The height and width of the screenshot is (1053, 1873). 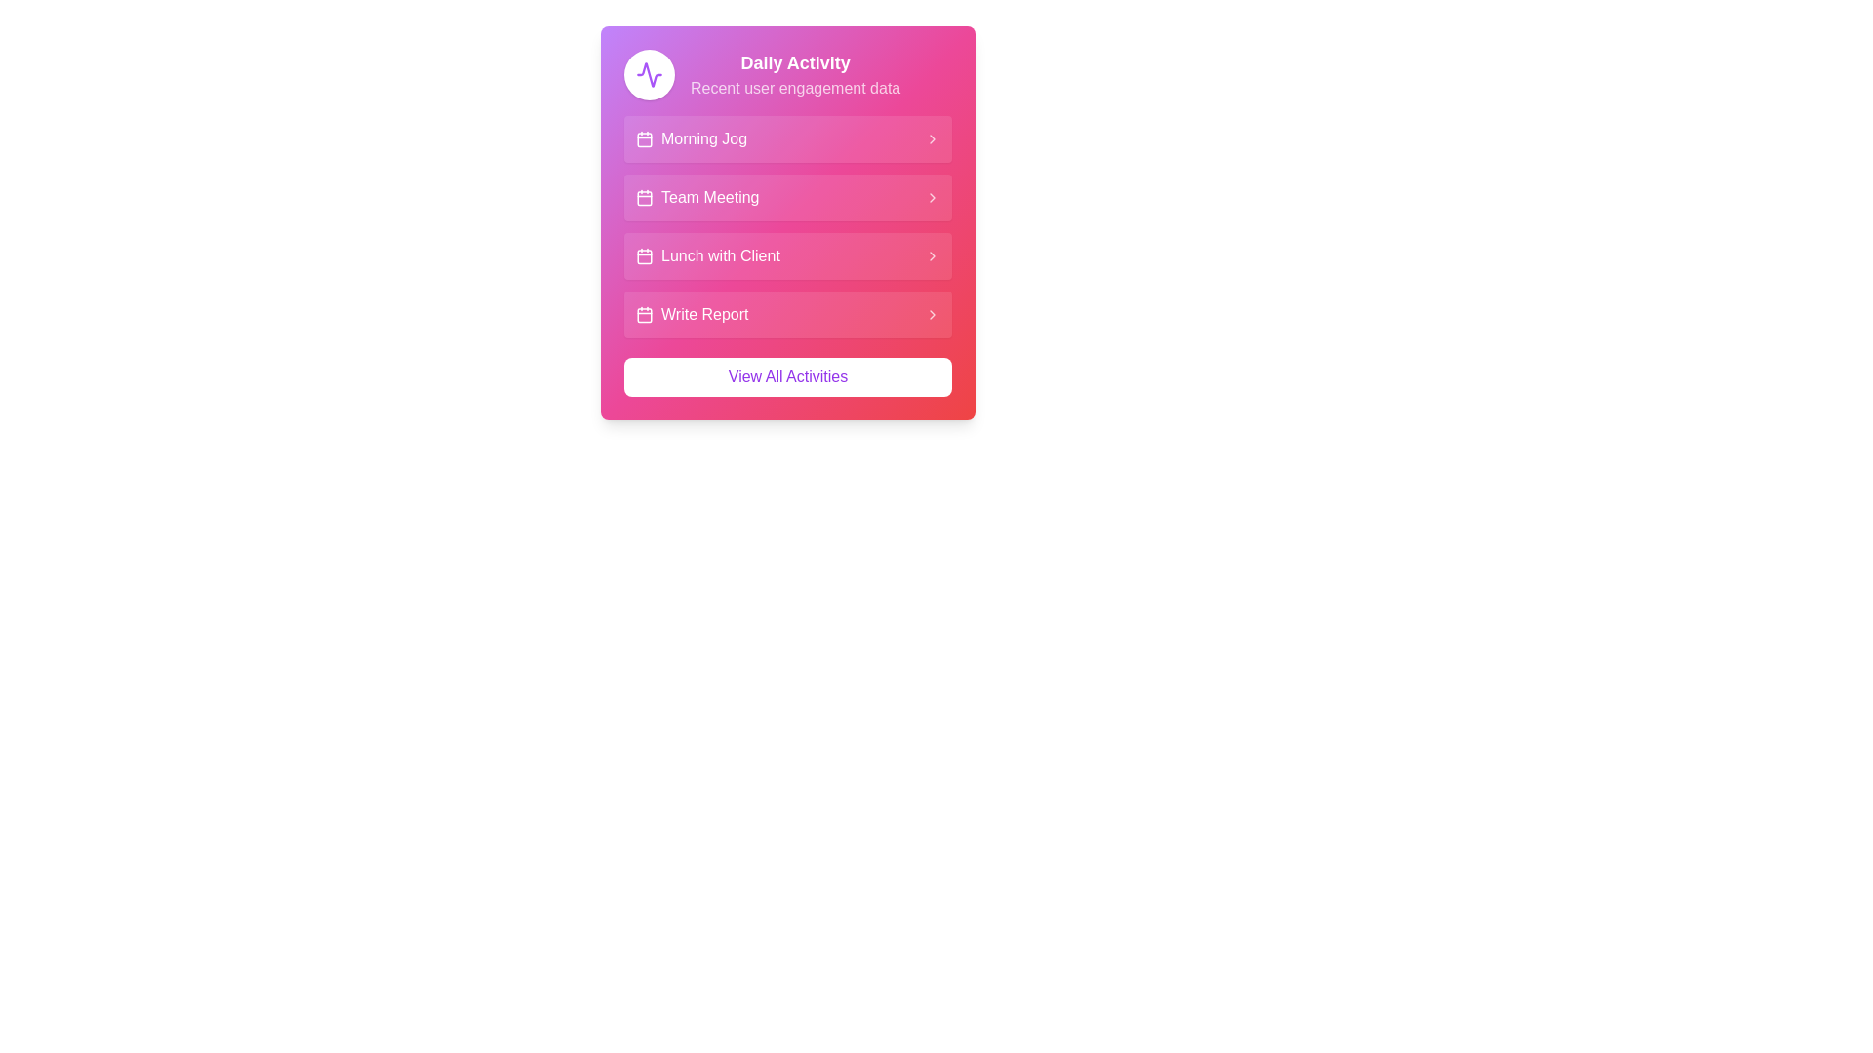 I want to click on the 'Team Meeting' text label, which is the second item in the vertical list of activity items within the 'Daily Activity' widget, styled with a medium-weight white font on a pink background, so click(x=709, y=198).